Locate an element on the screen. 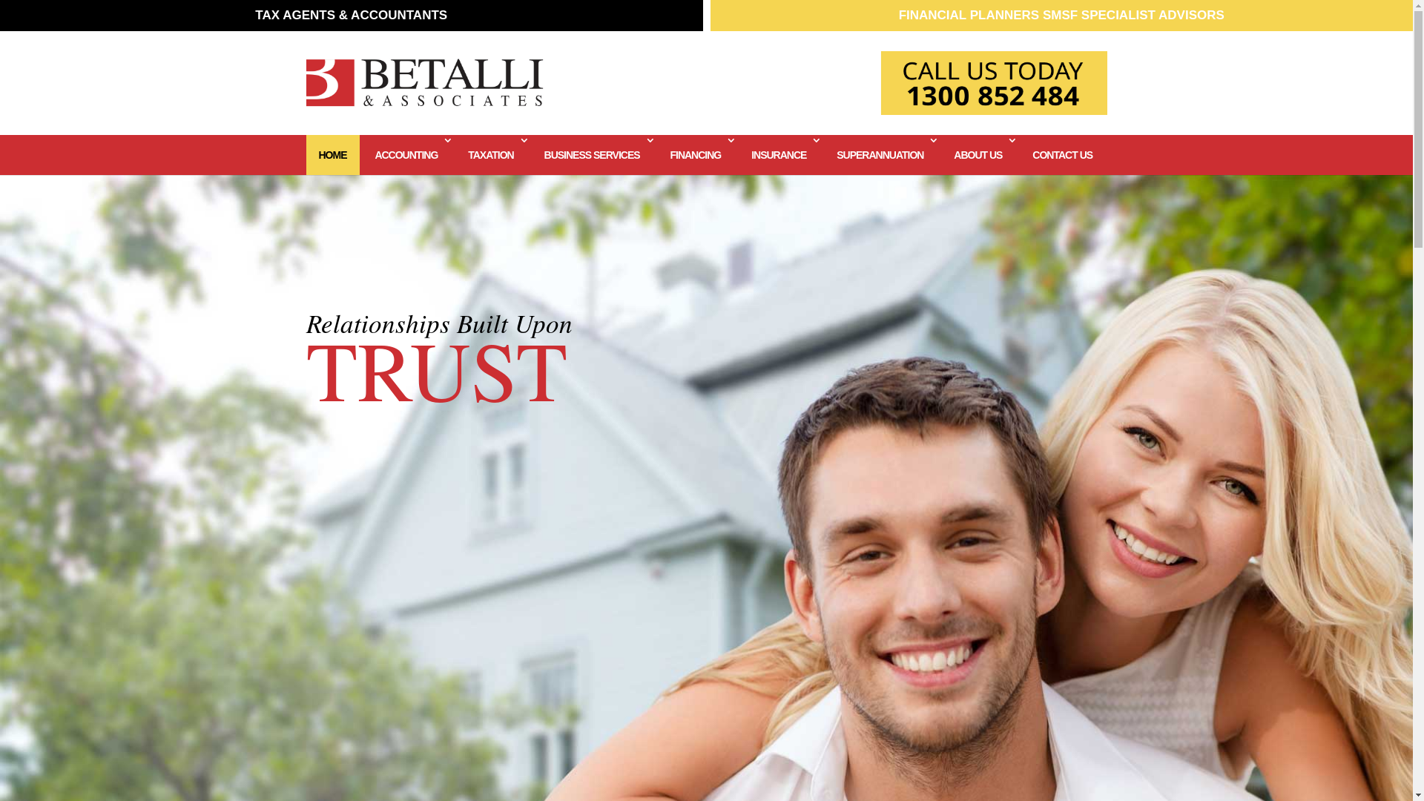  'INSURANCE' is located at coordinates (779, 154).